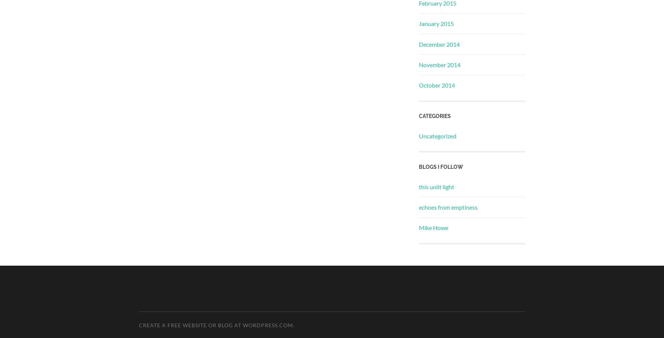 This screenshot has height=338, width=664. What do you see at coordinates (436, 23) in the screenshot?
I see `'January 2015'` at bounding box center [436, 23].